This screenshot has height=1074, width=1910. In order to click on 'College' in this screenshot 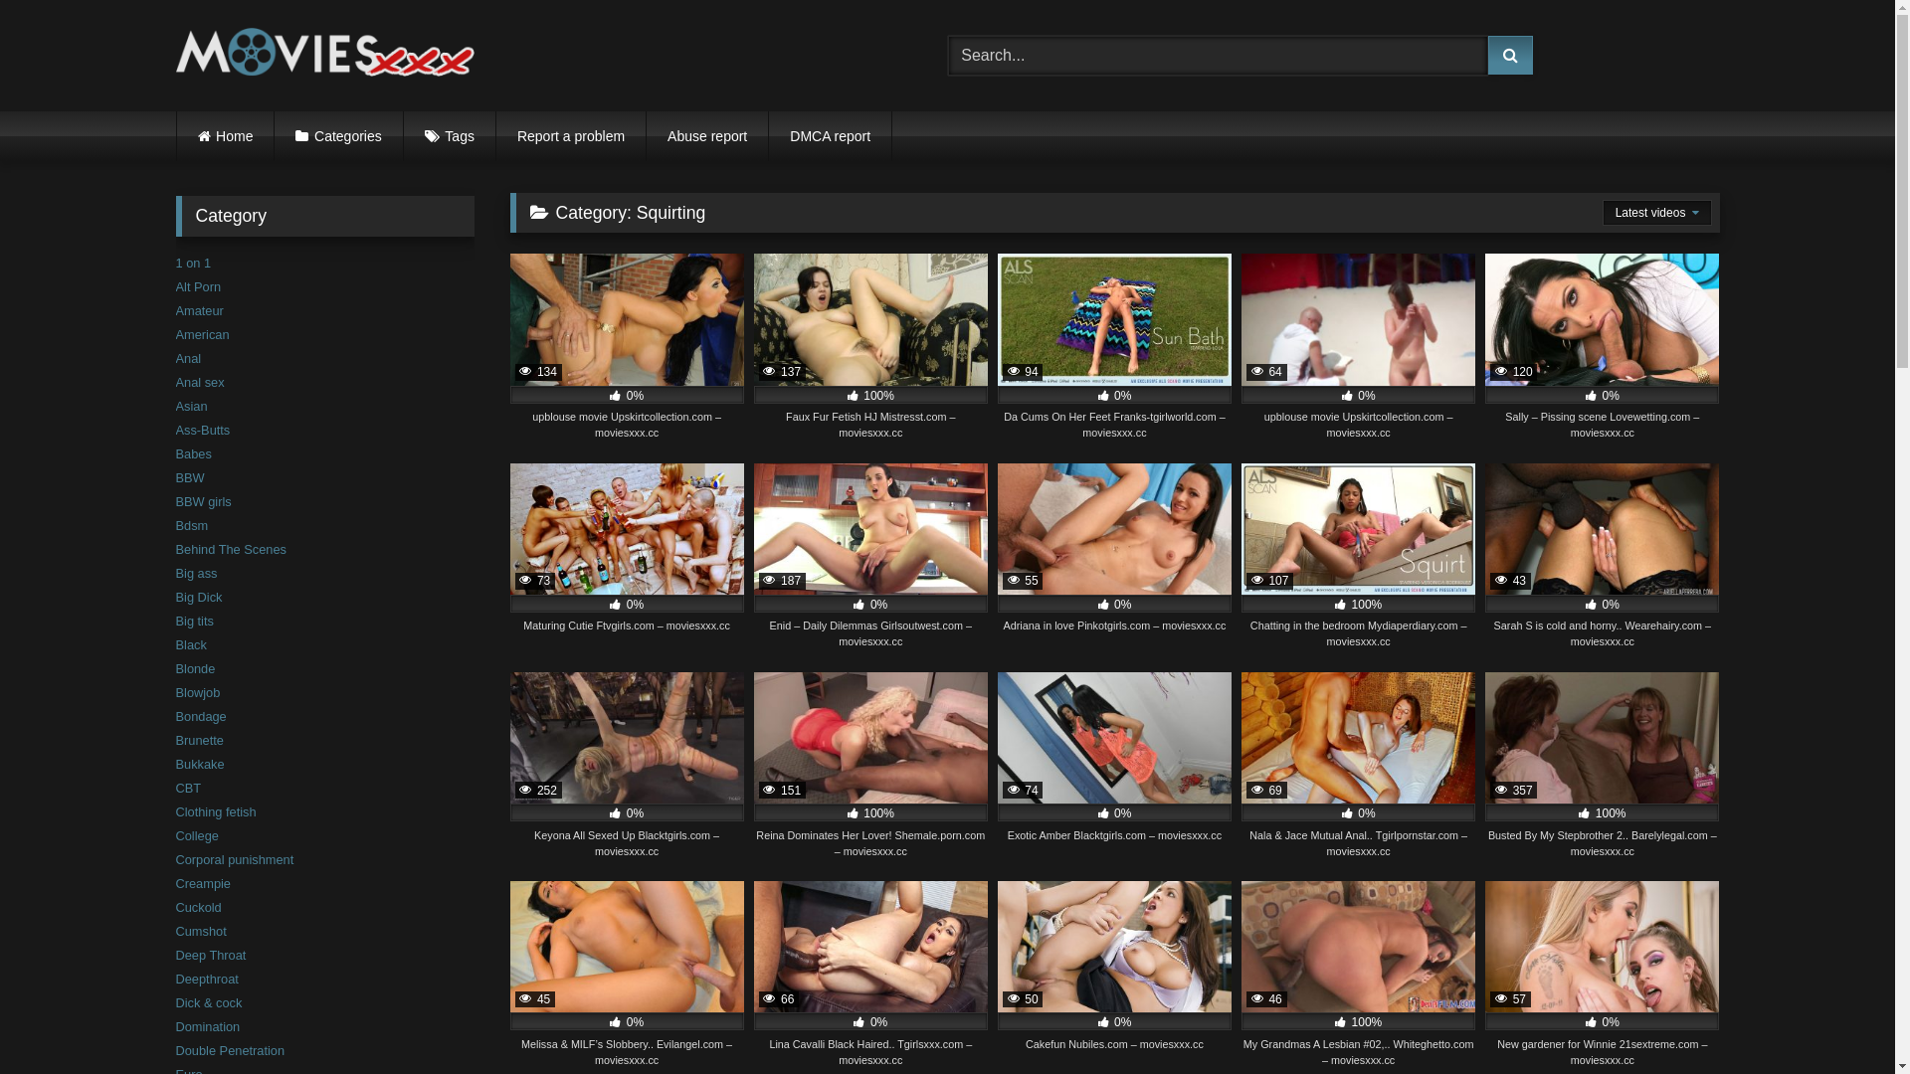, I will do `click(196, 835)`.